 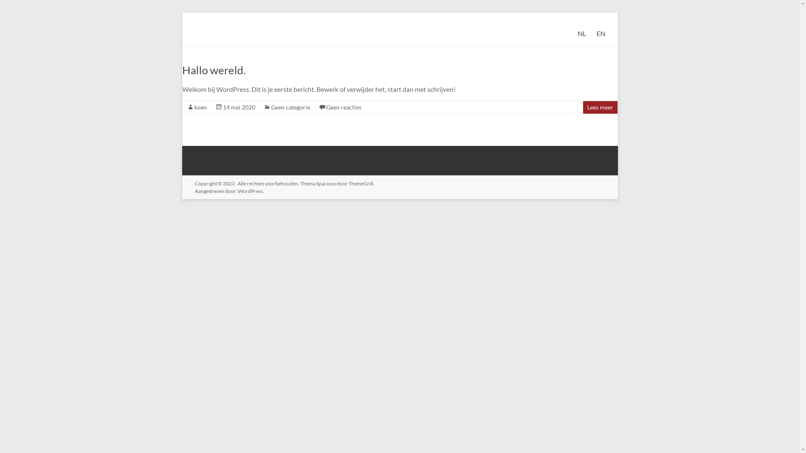 What do you see at coordinates (238, 107) in the screenshot?
I see `'14 mei 2020'` at bounding box center [238, 107].